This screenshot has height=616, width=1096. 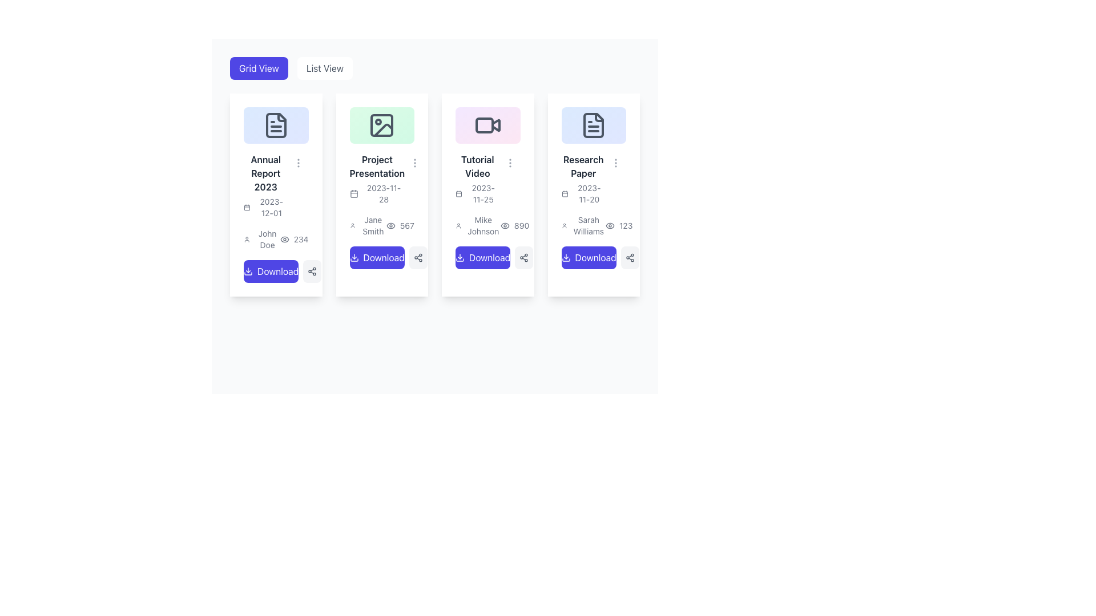 What do you see at coordinates (594, 125) in the screenshot?
I see `the document icon located at the top-center of the 'Research Paper' card, which is the fourth card from the left` at bounding box center [594, 125].